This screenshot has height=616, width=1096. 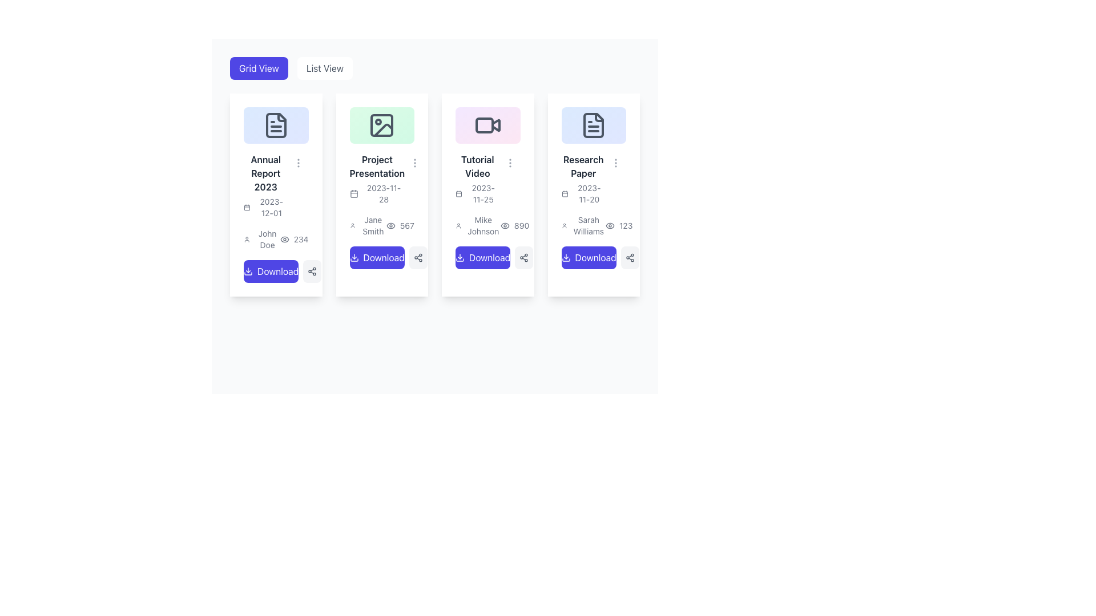 What do you see at coordinates (594, 125) in the screenshot?
I see `the document icon located at the top-center of the 'Research Paper' card, which is the fourth card from the left` at bounding box center [594, 125].